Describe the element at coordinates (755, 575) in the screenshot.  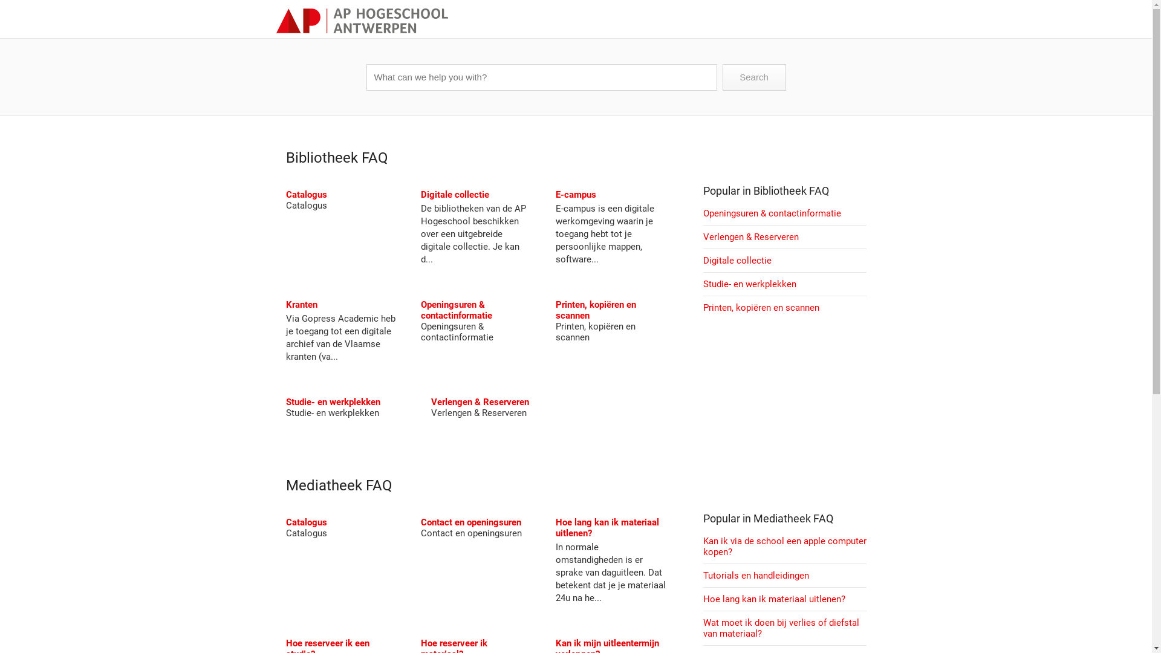
I see `'Tutorials en handleidingen'` at that location.